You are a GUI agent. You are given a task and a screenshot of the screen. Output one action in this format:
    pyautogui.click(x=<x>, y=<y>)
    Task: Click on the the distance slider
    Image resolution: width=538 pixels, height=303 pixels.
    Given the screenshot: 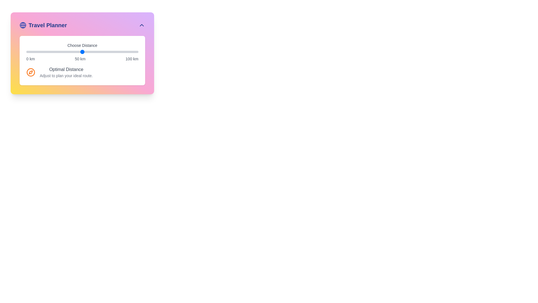 What is the action you would take?
    pyautogui.click(x=121, y=52)
    